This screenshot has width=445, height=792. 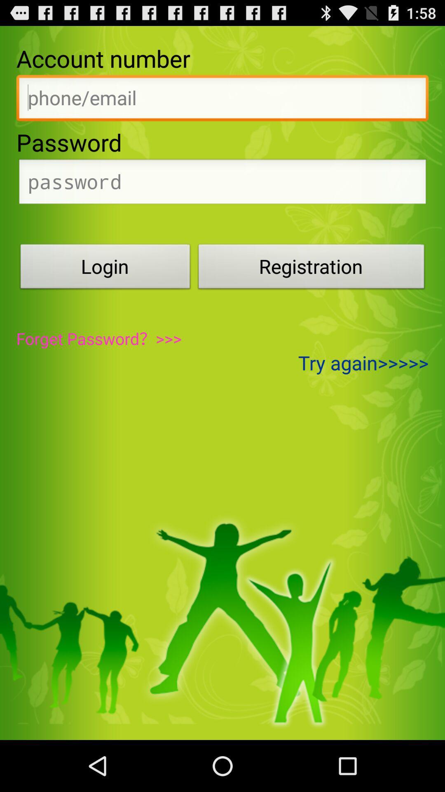 What do you see at coordinates (98, 338) in the screenshot?
I see `item to the left of try again>>>>> app` at bounding box center [98, 338].